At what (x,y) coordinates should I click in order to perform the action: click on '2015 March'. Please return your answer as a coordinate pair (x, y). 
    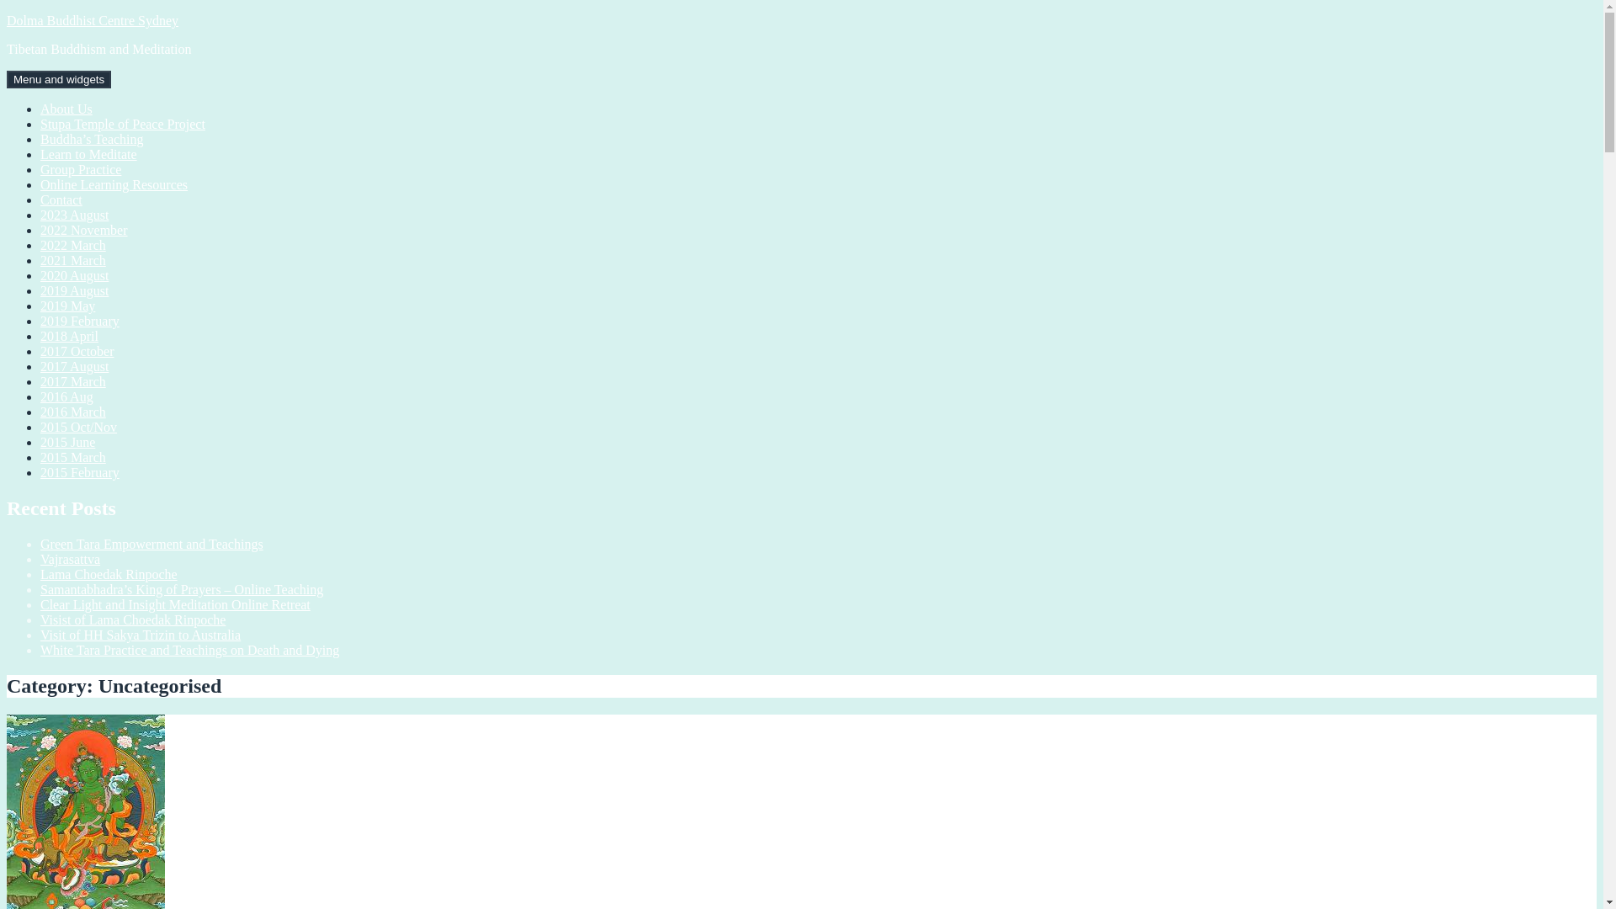
    Looking at the image, I should click on (40, 457).